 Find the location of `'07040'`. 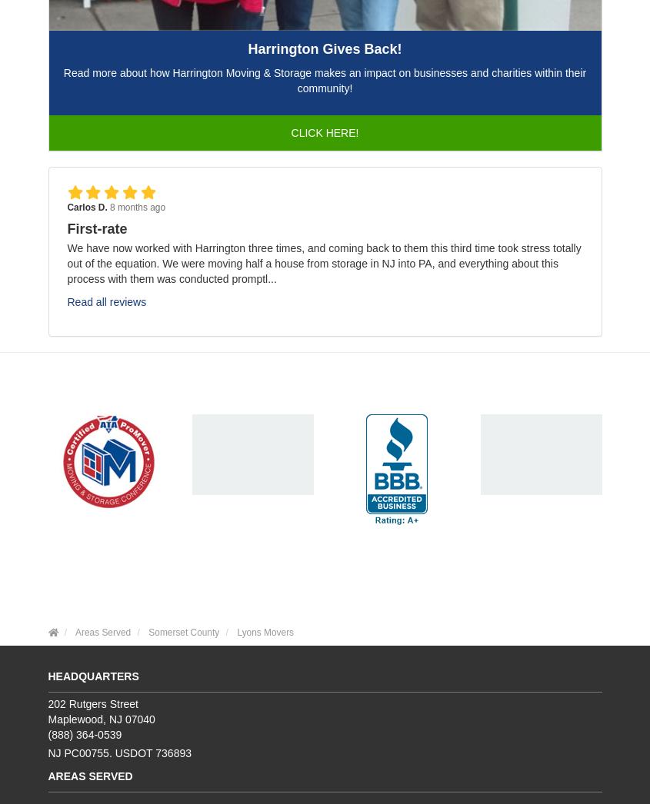

'07040' is located at coordinates (138, 719).